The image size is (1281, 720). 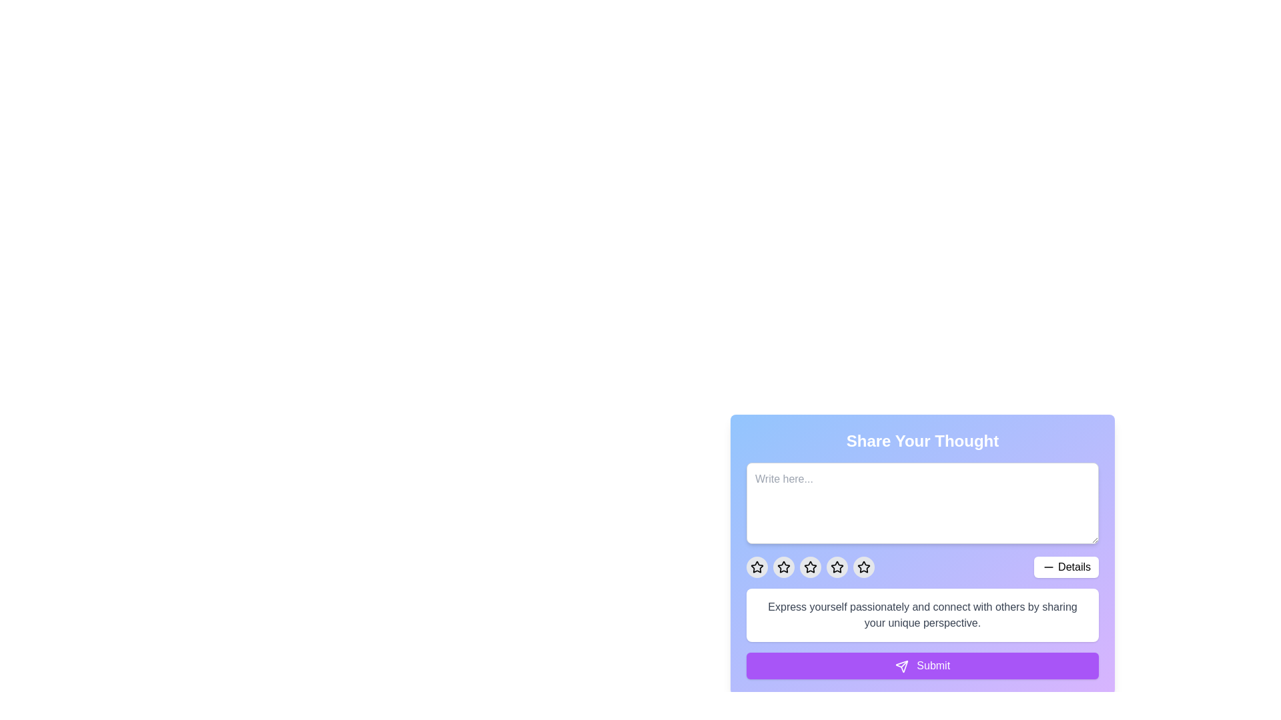 What do you see at coordinates (921, 615) in the screenshot?
I see `the informational text box located below the rating stars and above the 'Submit' button, which encourages user engagement` at bounding box center [921, 615].